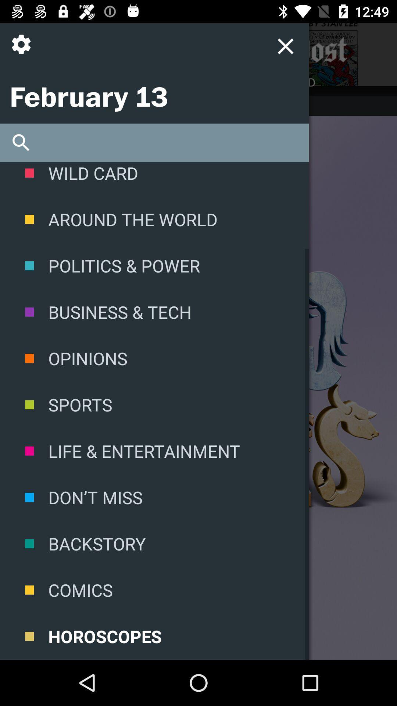  Describe the element at coordinates (215, 50) in the screenshot. I see `menu` at that location.